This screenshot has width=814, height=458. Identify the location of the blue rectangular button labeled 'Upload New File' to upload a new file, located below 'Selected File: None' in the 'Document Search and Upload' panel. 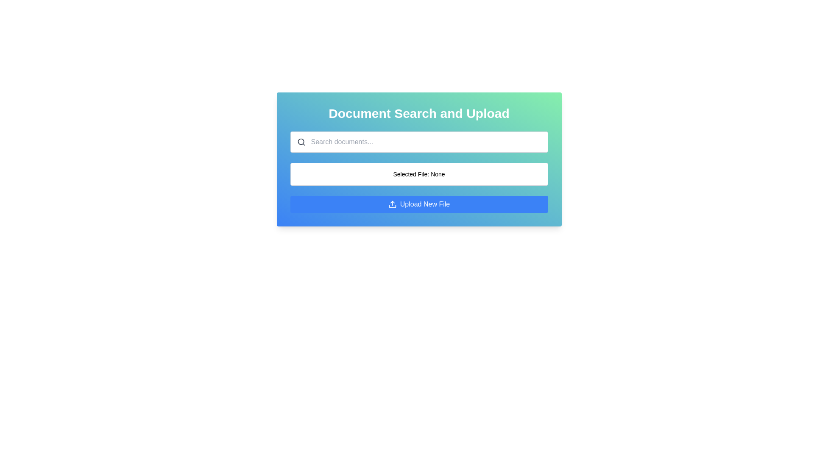
(419, 204).